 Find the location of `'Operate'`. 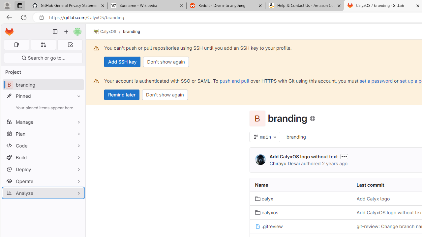

'Operate' is located at coordinates (43, 181).